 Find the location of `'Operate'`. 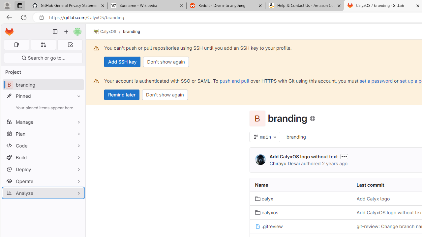

'Operate' is located at coordinates (43, 181).